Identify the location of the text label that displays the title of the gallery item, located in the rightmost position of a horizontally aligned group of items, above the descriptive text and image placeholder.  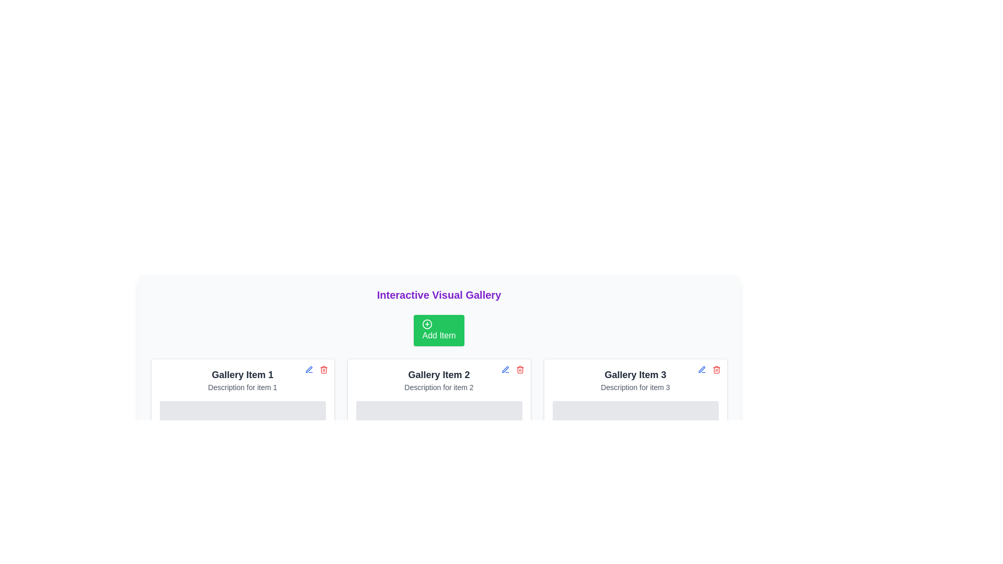
(635, 374).